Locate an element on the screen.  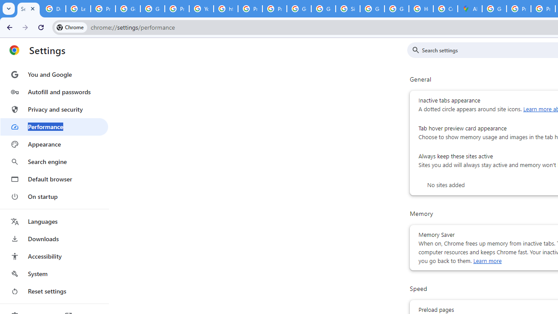
'You and Google' is located at coordinates (54, 74).